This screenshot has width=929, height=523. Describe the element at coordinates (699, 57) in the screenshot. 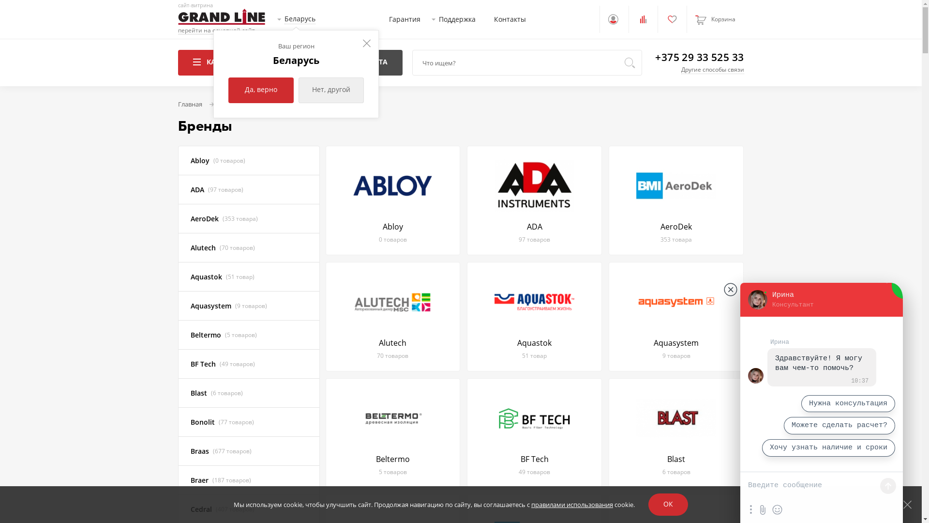

I see `'+375 29 33 525 33'` at that location.